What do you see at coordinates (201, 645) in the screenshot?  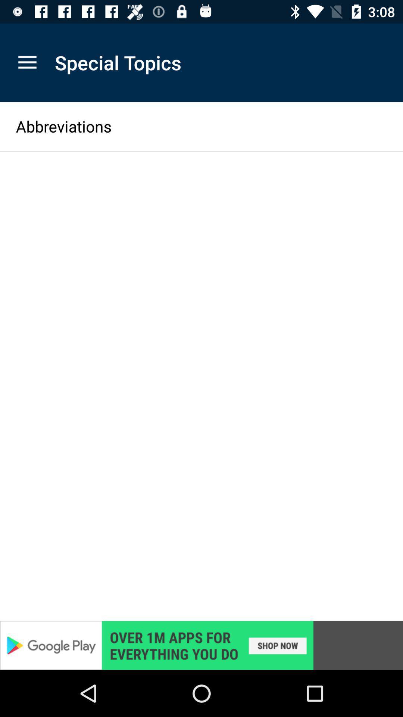 I see `advertisement area` at bounding box center [201, 645].